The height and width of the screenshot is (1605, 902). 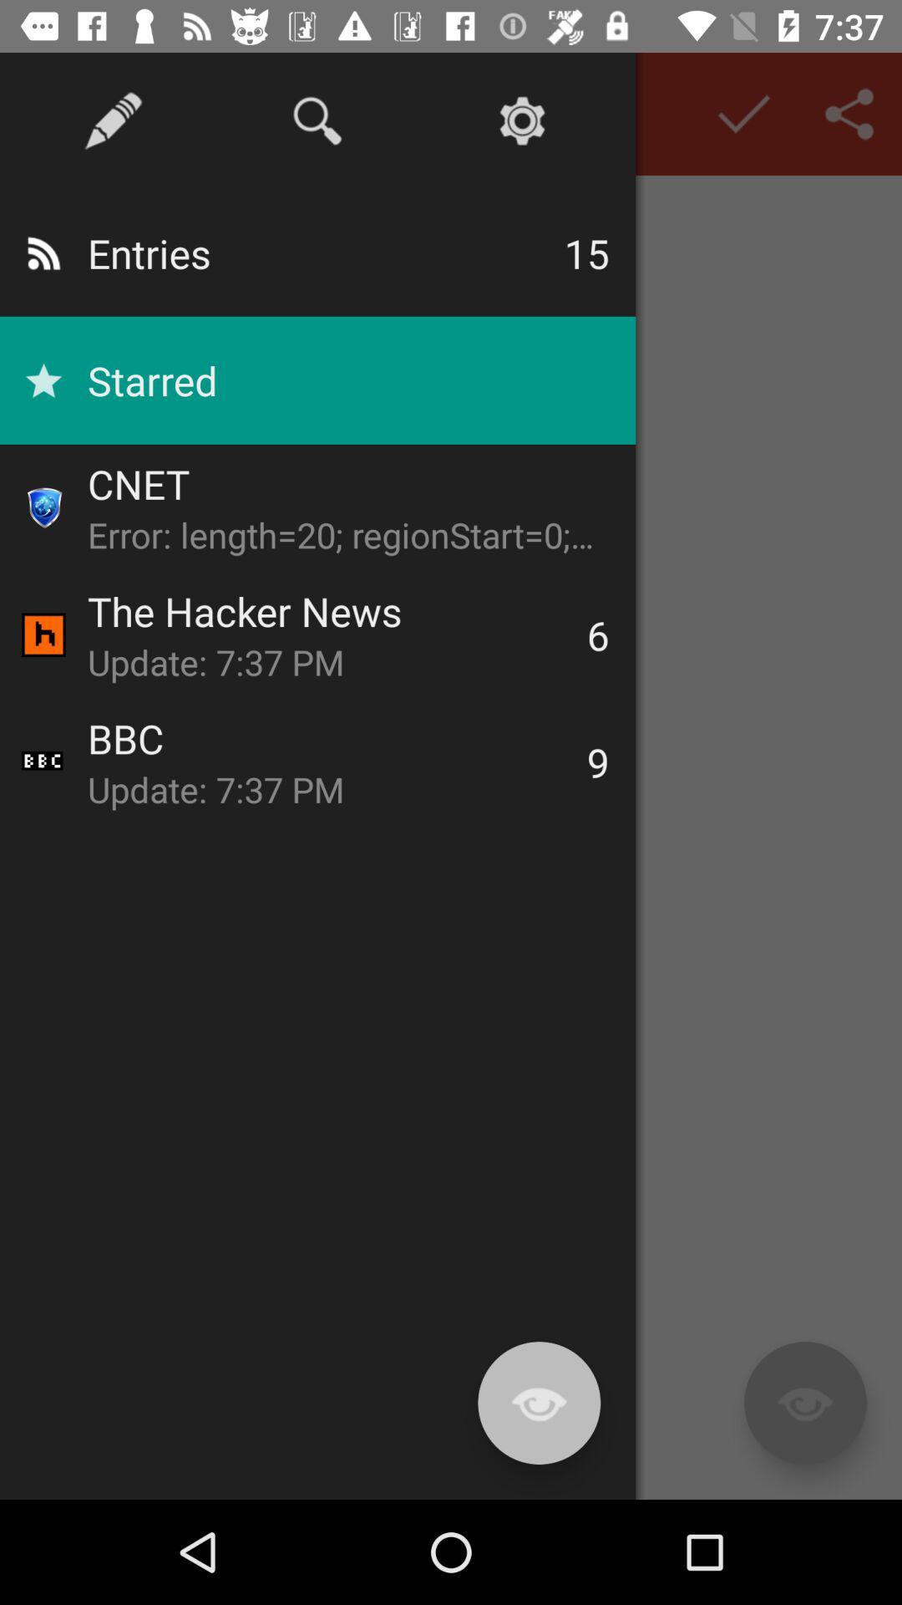 What do you see at coordinates (804, 1403) in the screenshot?
I see `the visibility icon` at bounding box center [804, 1403].